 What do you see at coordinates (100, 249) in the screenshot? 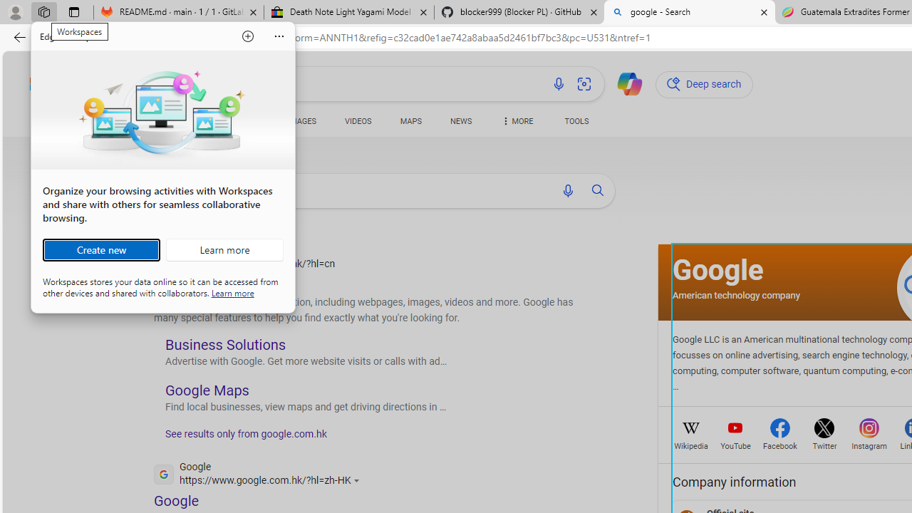
I see `'Create new workspace'` at bounding box center [100, 249].